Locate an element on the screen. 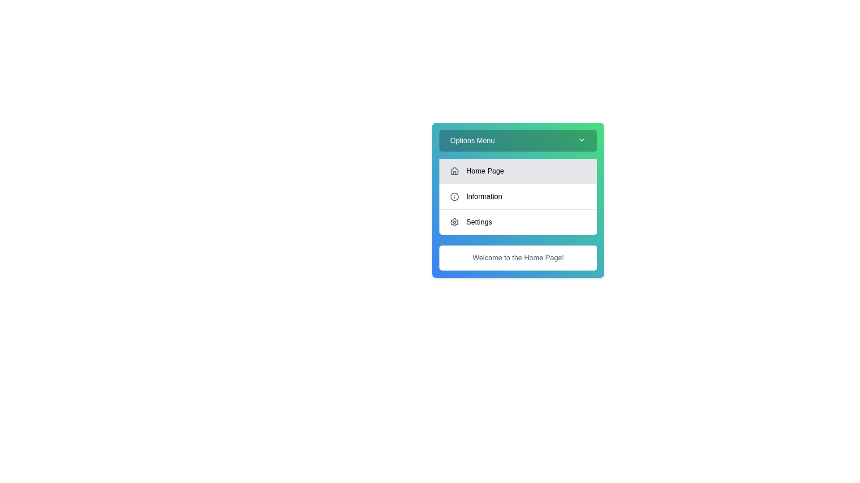 The image size is (860, 483). the chevron down icon located in the top-right corner of the Options Menu header is located at coordinates (582, 140).